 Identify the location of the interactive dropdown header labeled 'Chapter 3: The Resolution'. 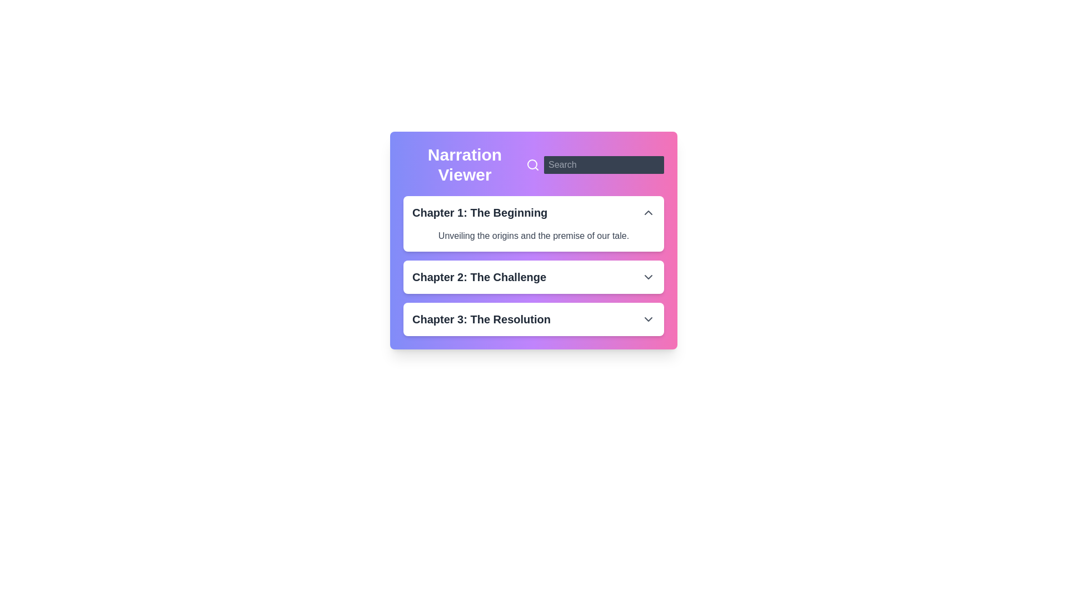
(533, 319).